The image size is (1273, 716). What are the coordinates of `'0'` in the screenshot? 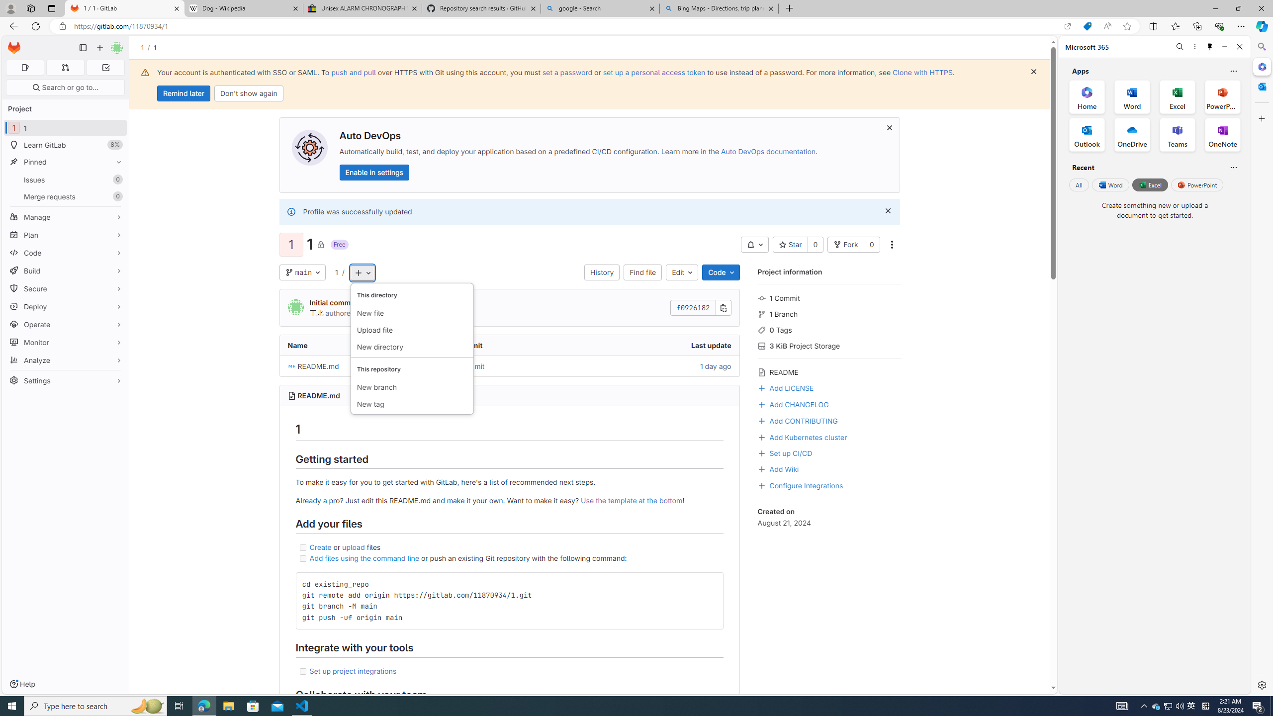 It's located at (871, 244).